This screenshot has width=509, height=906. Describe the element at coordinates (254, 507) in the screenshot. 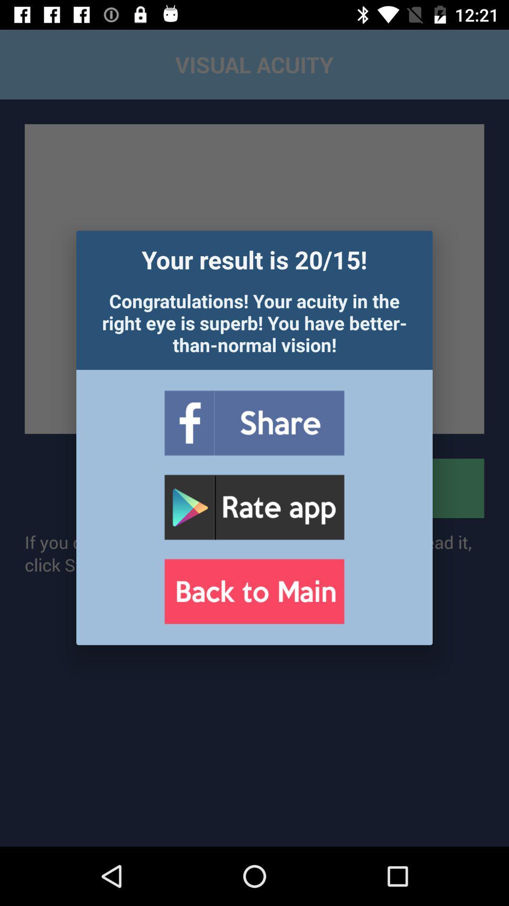

I see `rate app on play store` at that location.